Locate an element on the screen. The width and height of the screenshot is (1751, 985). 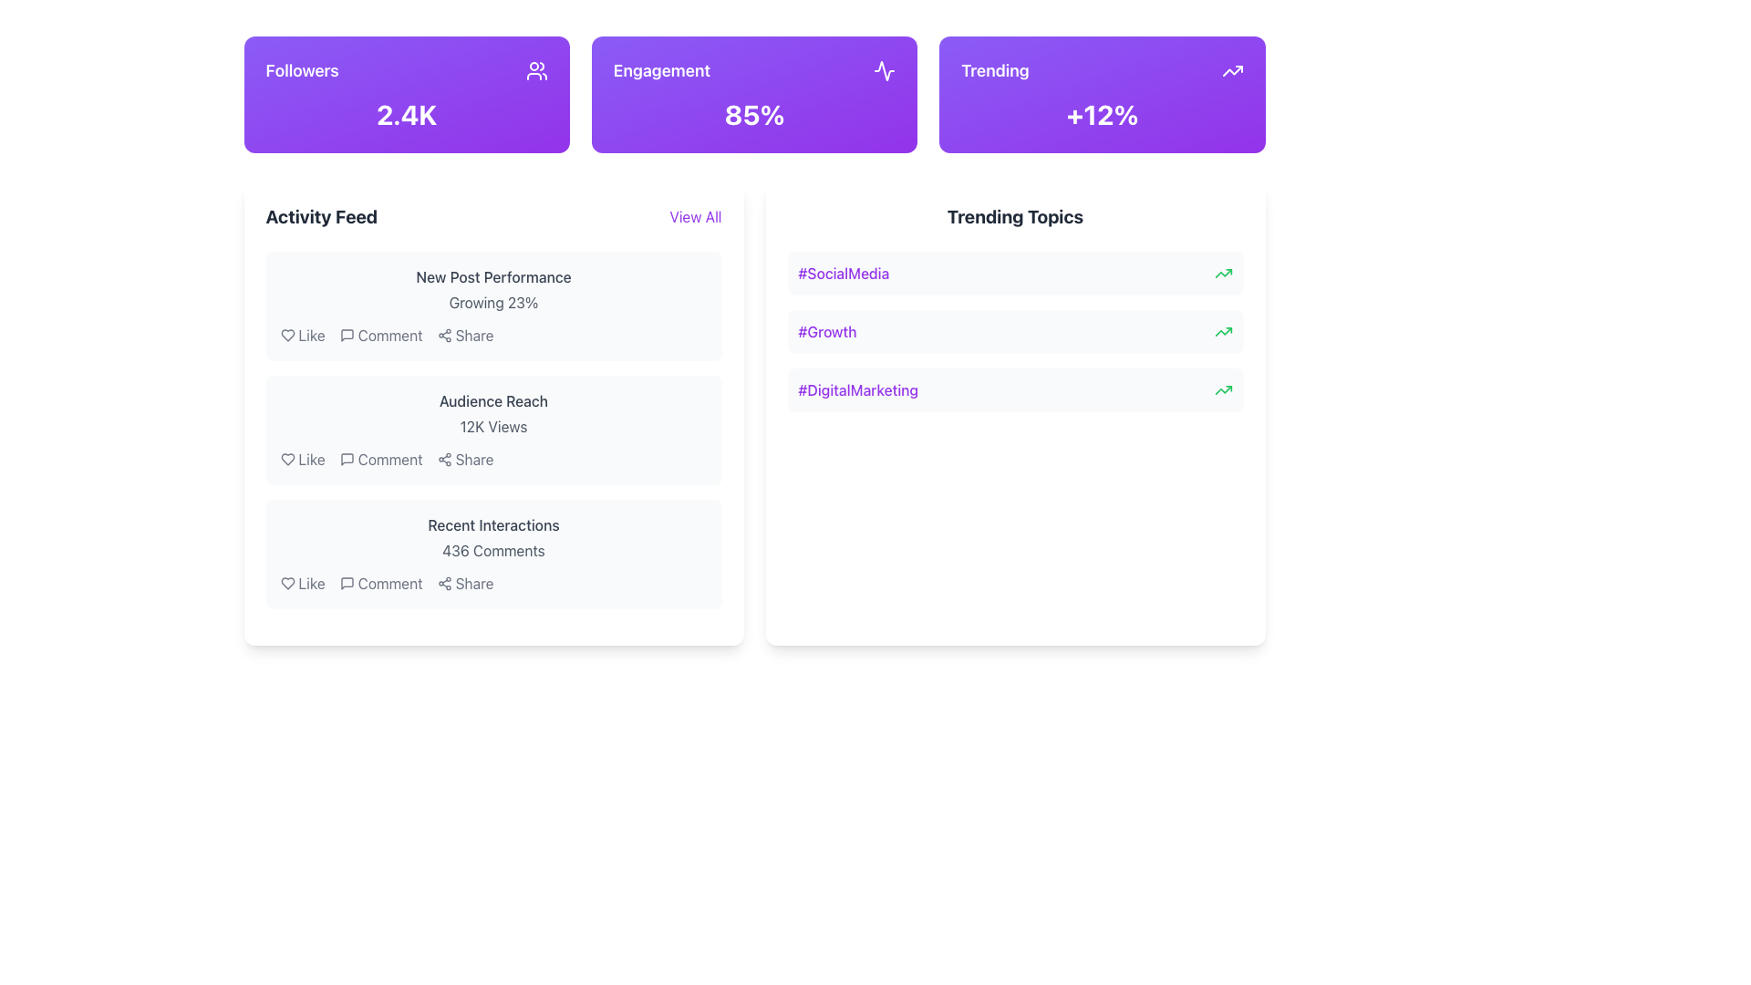
the leftmost SVG graphic icon representing the 'Comment' action, which is part of the 'Comment' button group located below the 'Recent Interactions' section in the activity feed is located at coordinates (347, 584).